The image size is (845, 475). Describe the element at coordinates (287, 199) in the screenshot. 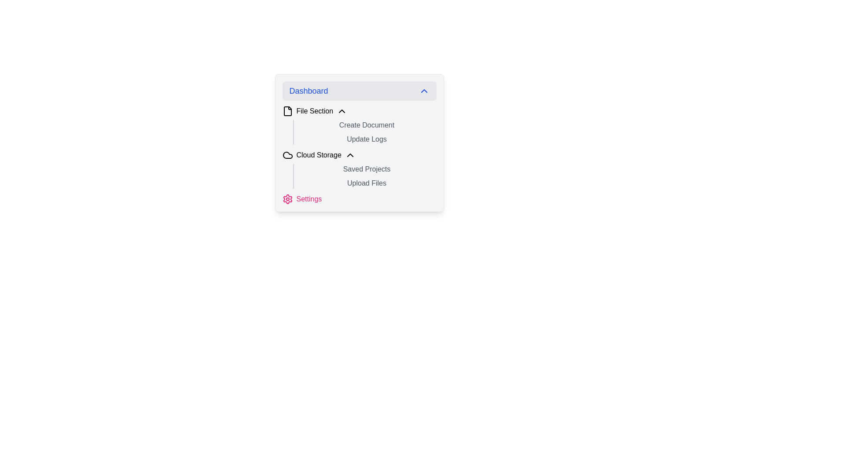

I see `the bold pink gear icon located to the left of the 'Settings' label in the vertical menu` at that location.